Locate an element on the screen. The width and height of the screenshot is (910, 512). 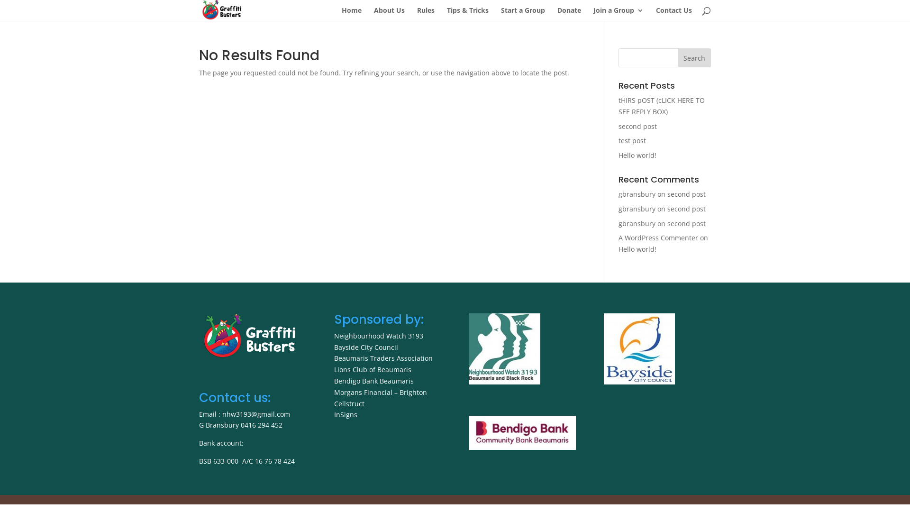
'Hello world!' is located at coordinates (637, 155).